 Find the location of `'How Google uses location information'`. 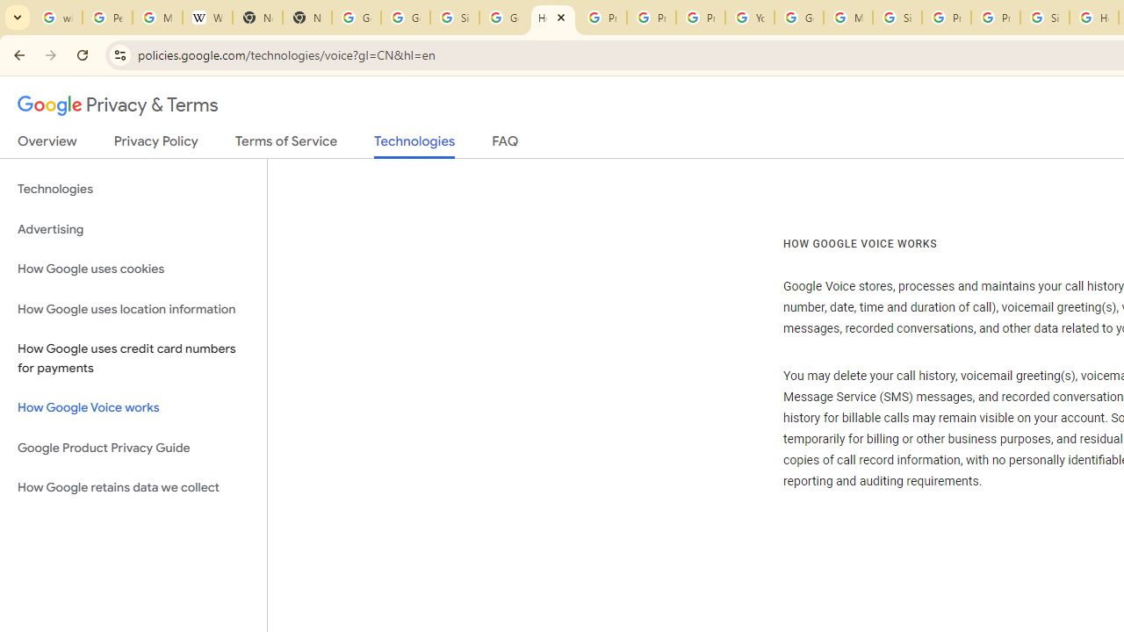

'How Google uses location information' is located at coordinates (133, 308).